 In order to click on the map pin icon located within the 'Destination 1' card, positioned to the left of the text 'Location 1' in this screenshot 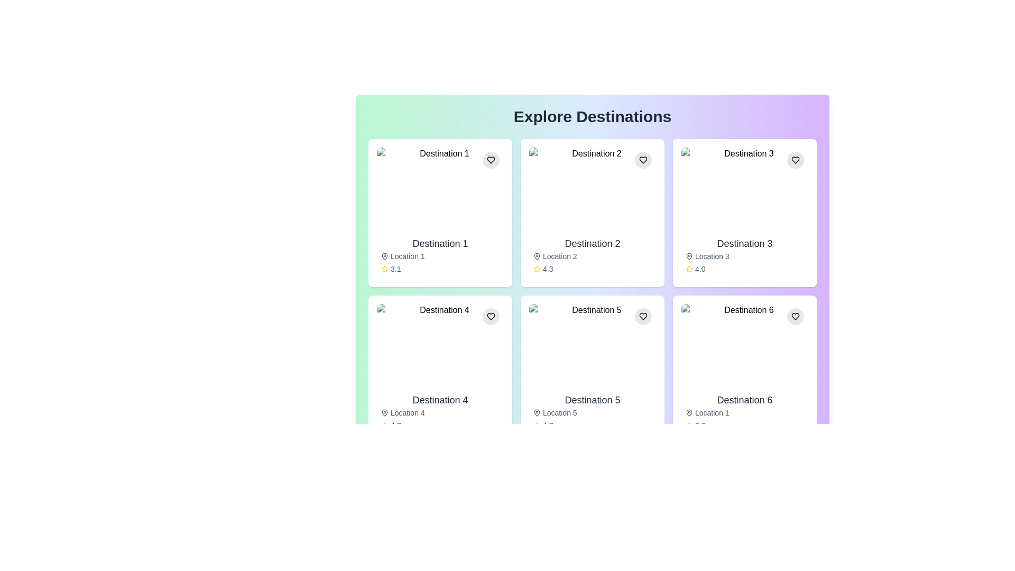, I will do `click(384, 255)`.